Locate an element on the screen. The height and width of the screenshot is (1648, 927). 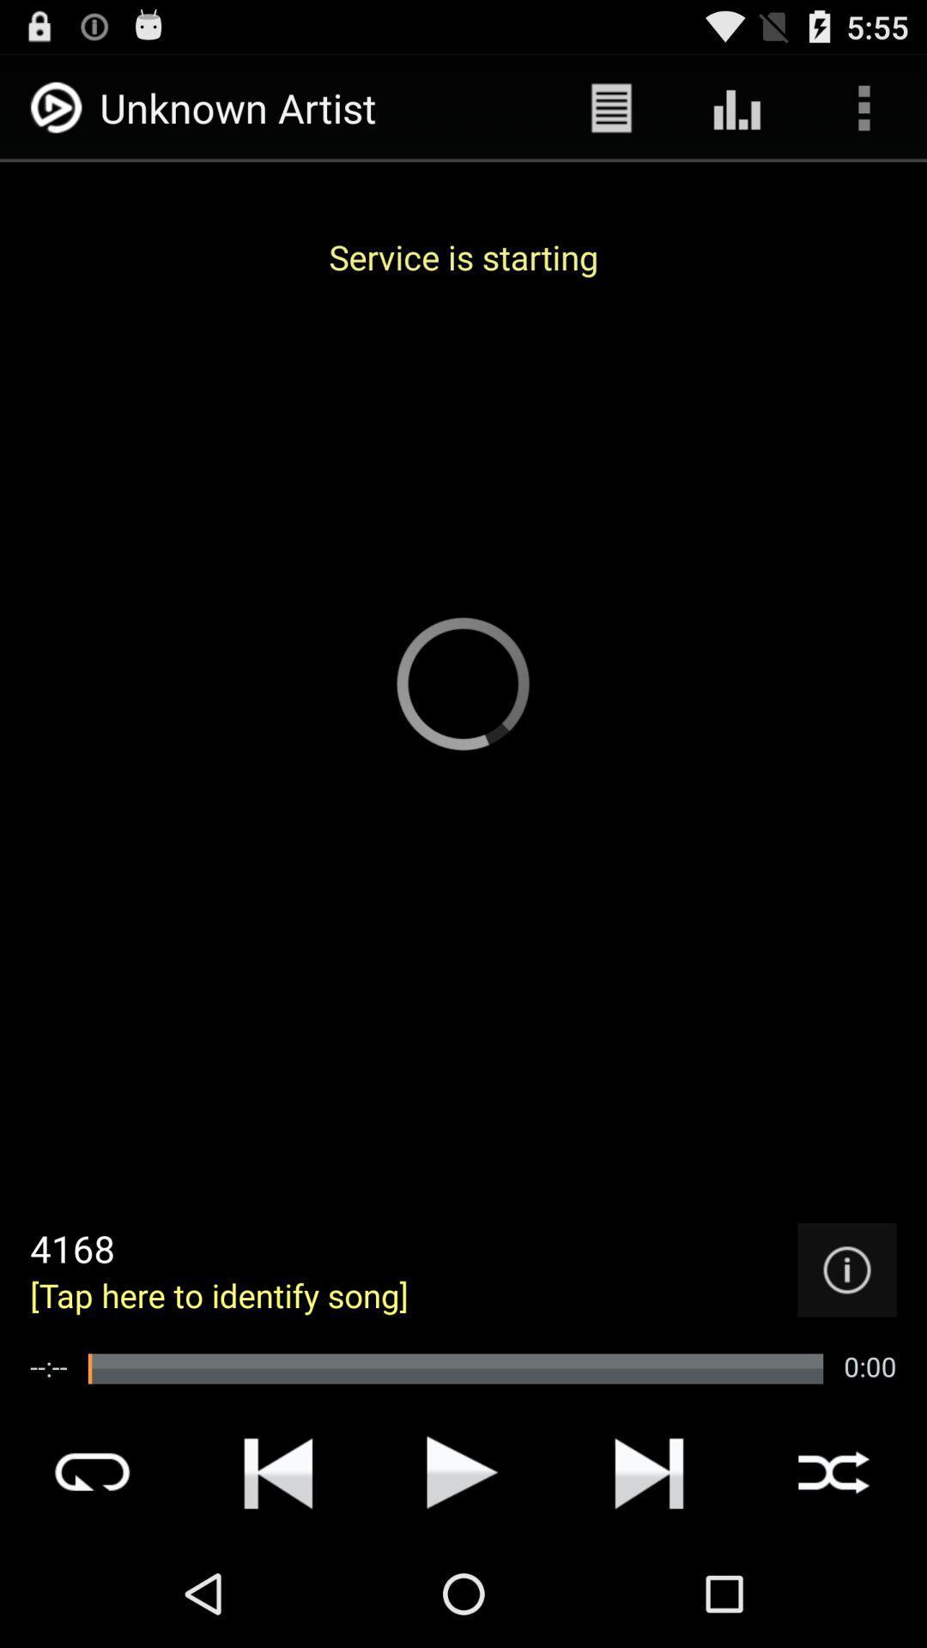
go back is located at coordinates (277, 1471).